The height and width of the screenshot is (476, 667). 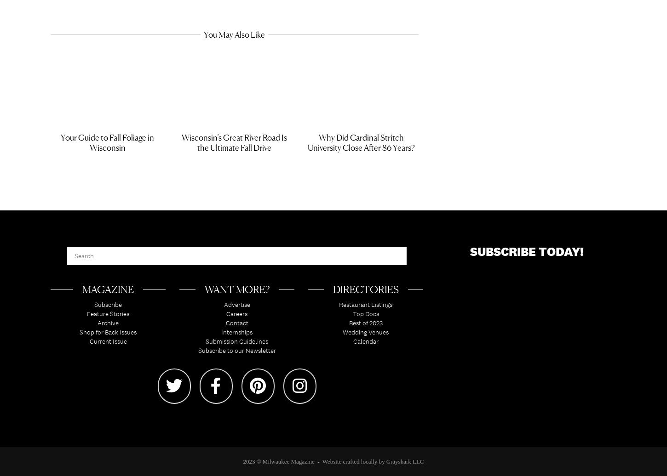 What do you see at coordinates (108, 292) in the screenshot?
I see `'Magazine'` at bounding box center [108, 292].